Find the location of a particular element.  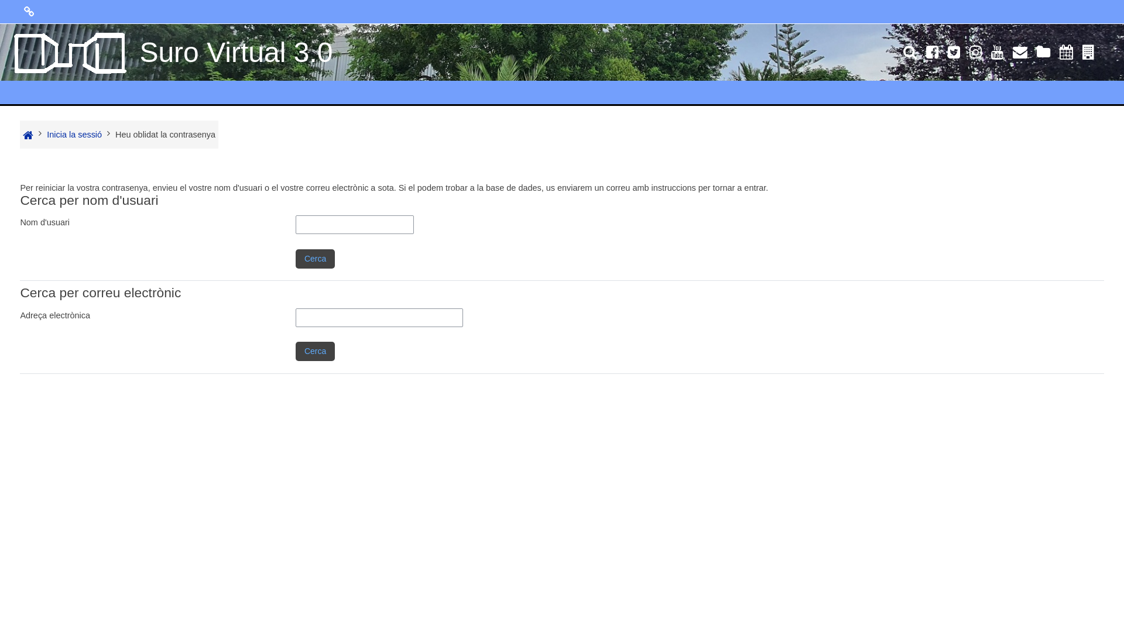

'Facebook del centre' is located at coordinates (931, 54).